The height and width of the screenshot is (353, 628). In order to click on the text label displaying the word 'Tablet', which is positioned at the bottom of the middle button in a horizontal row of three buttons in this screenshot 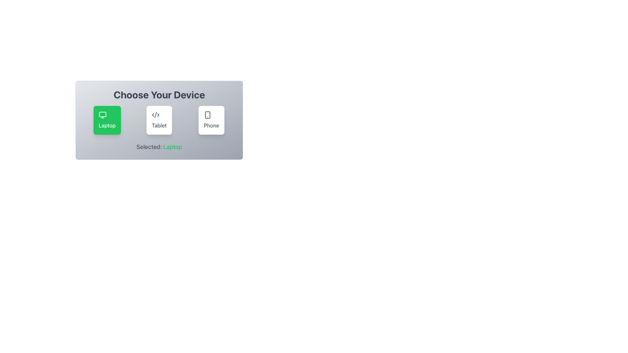, I will do `click(159, 126)`.